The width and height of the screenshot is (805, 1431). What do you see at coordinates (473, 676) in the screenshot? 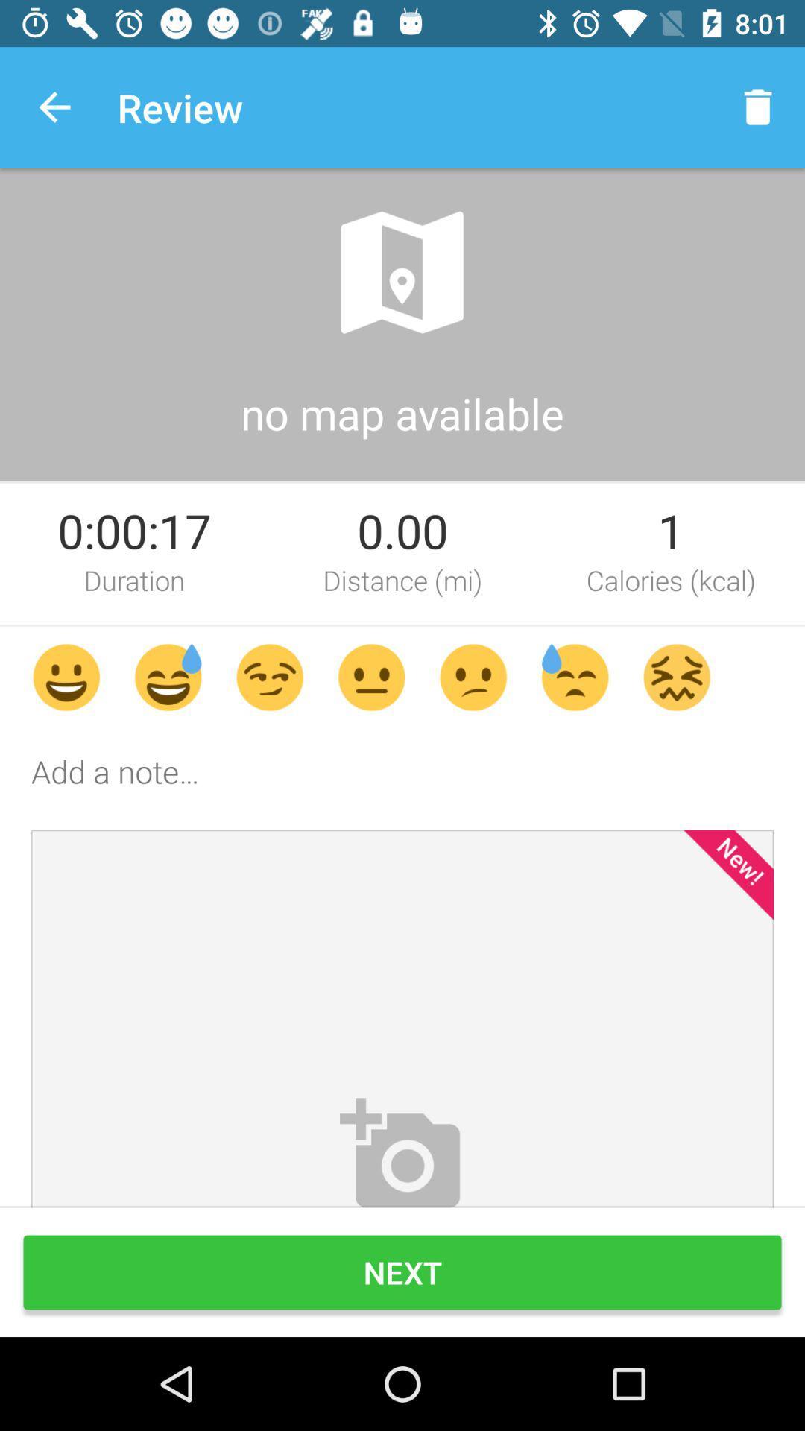
I see `the emoji icon` at bounding box center [473, 676].